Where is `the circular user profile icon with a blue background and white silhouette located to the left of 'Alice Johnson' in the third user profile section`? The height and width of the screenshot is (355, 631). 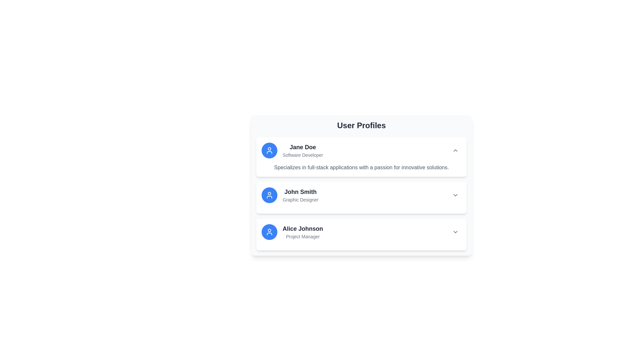
the circular user profile icon with a blue background and white silhouette located to the left of 'Alice Johnson' in the third user profile section is located at coordinates (269, 231).